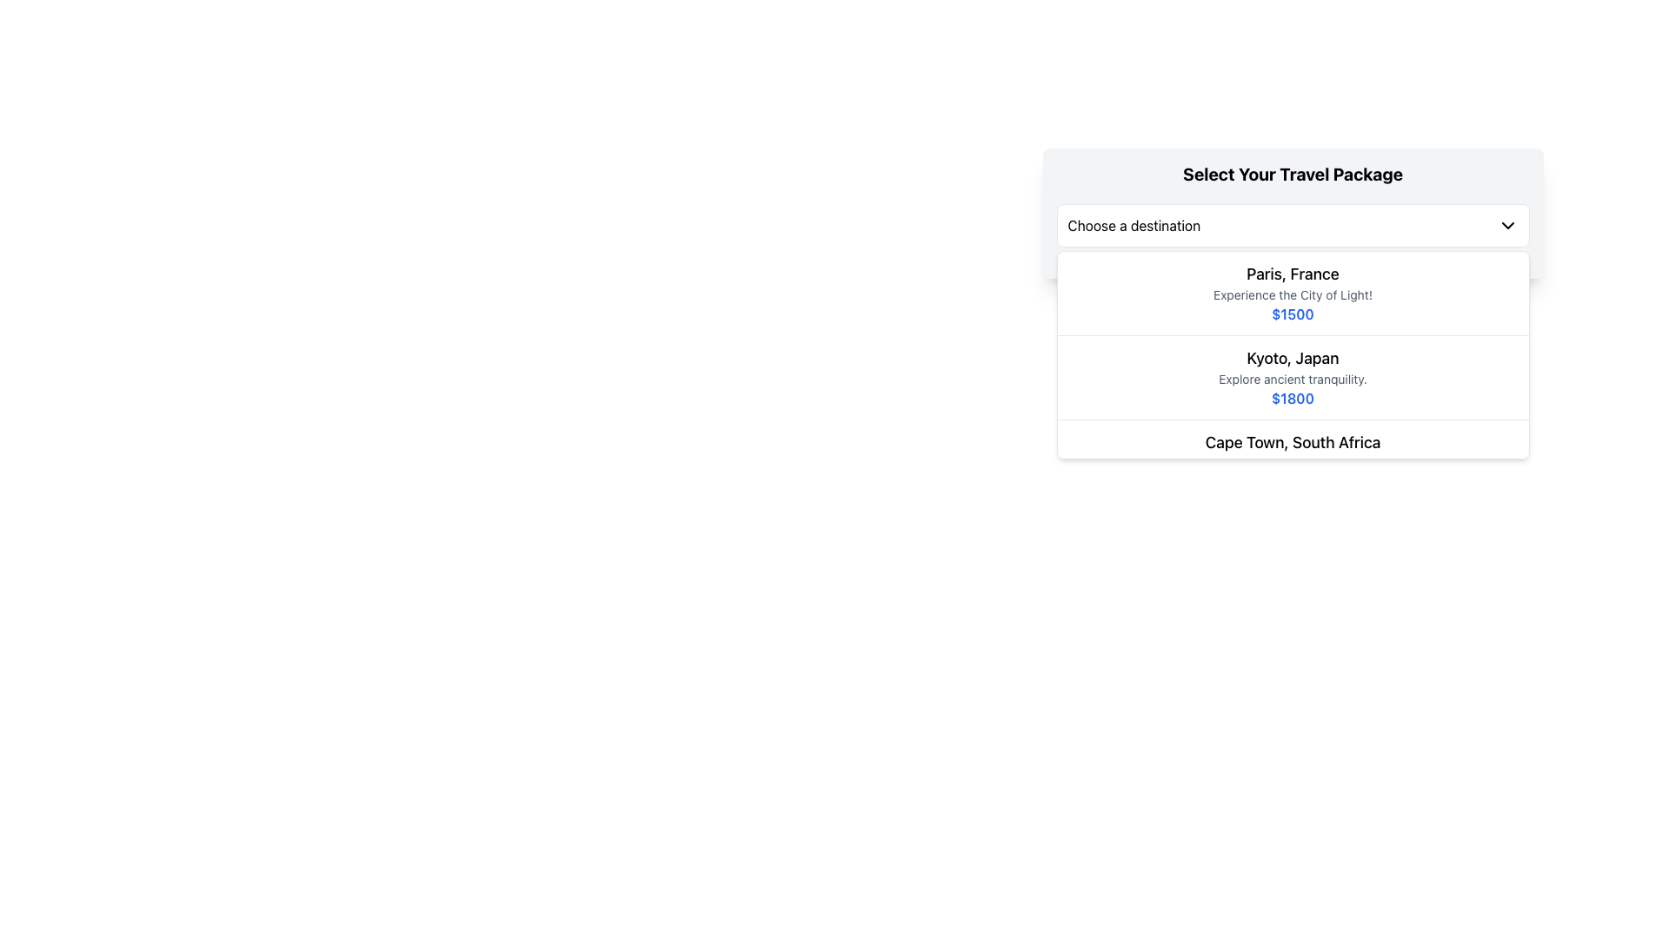  What do you see at coordinates (1293, 294) in the screenshot?
I see `text label displaying 'Experience the City of Light!' located beneath the main header 'Paris, France' and above the price '$1500' in the travel package card for 'Paris, France'` at bounding box center [1293, 294].